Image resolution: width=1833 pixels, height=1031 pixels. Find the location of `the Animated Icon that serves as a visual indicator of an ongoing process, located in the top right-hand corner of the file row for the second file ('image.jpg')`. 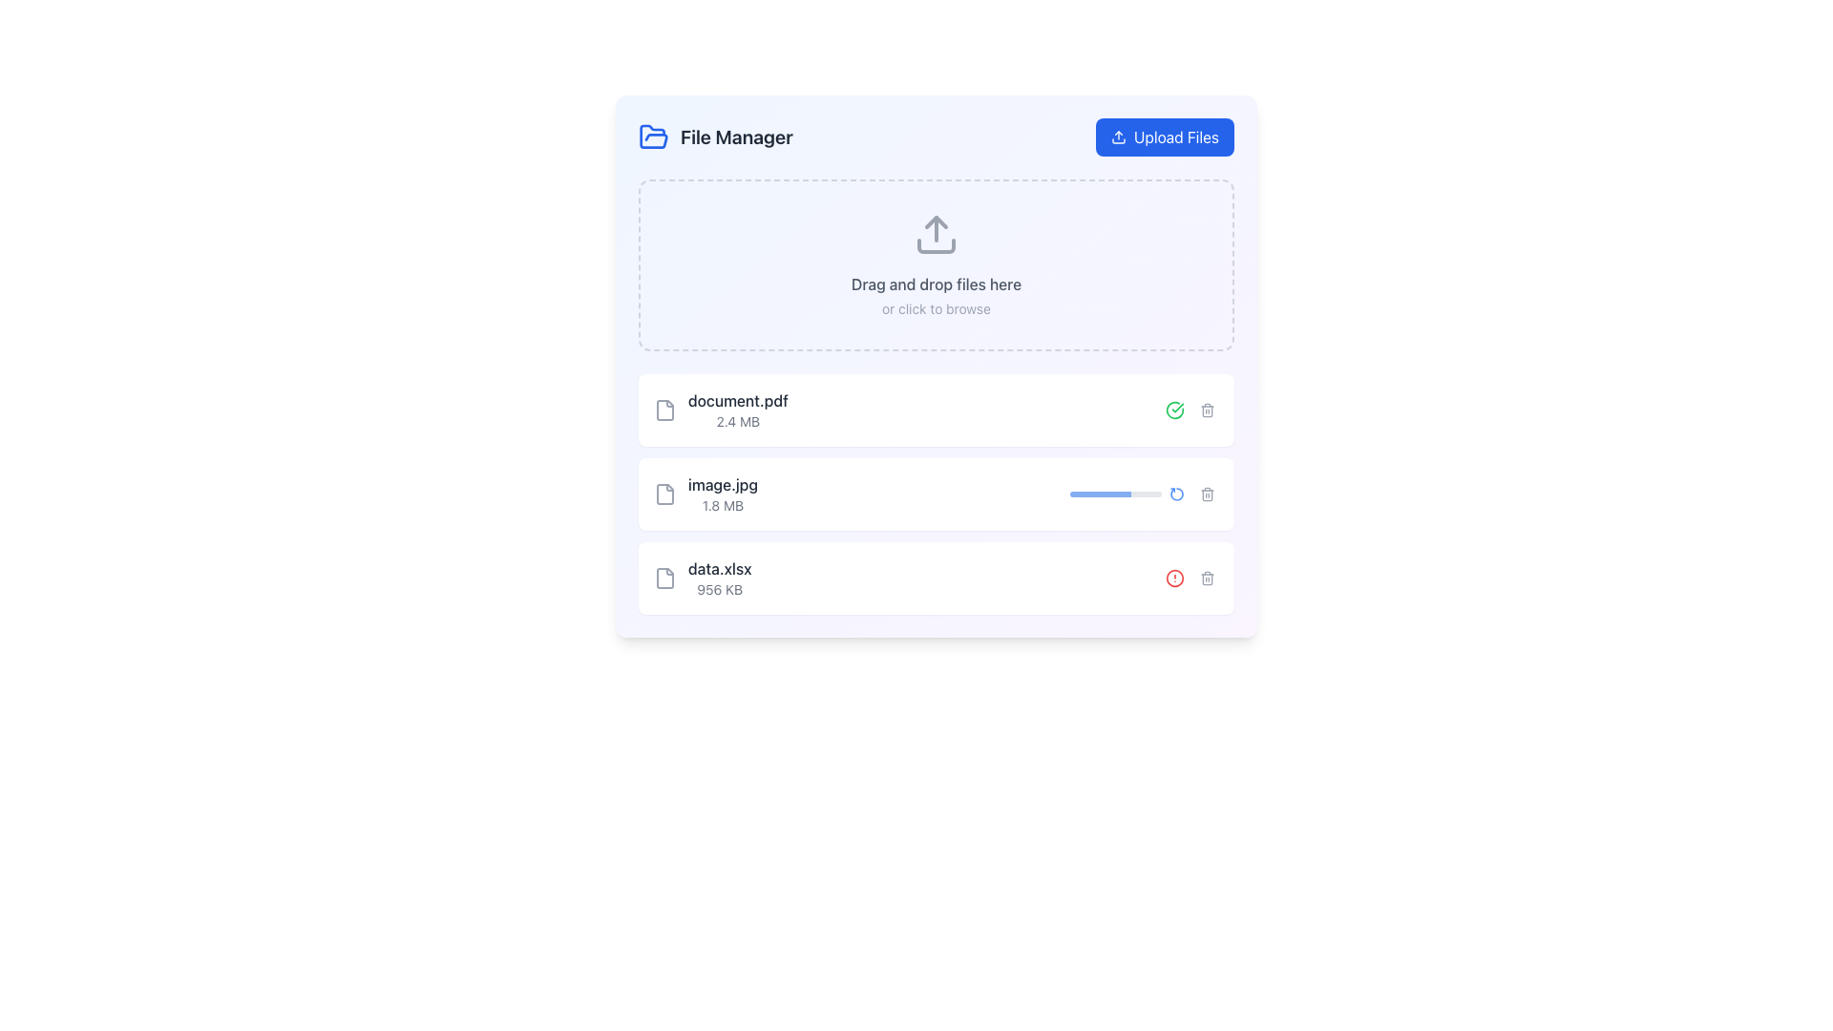

the Animated Icon that serves as a visual indicator of an ongoing process, located in the top right-hand corner of the file row for the second file ('image.jpg') is located at coordinates (1176, 493).